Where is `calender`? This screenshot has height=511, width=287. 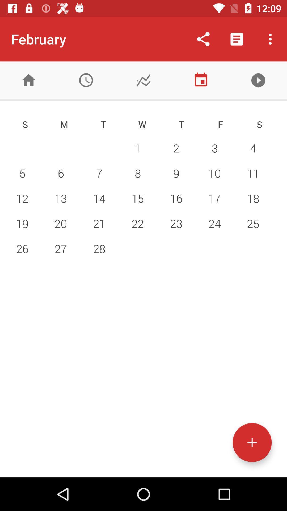 calender is located at coordinates (201, 80).